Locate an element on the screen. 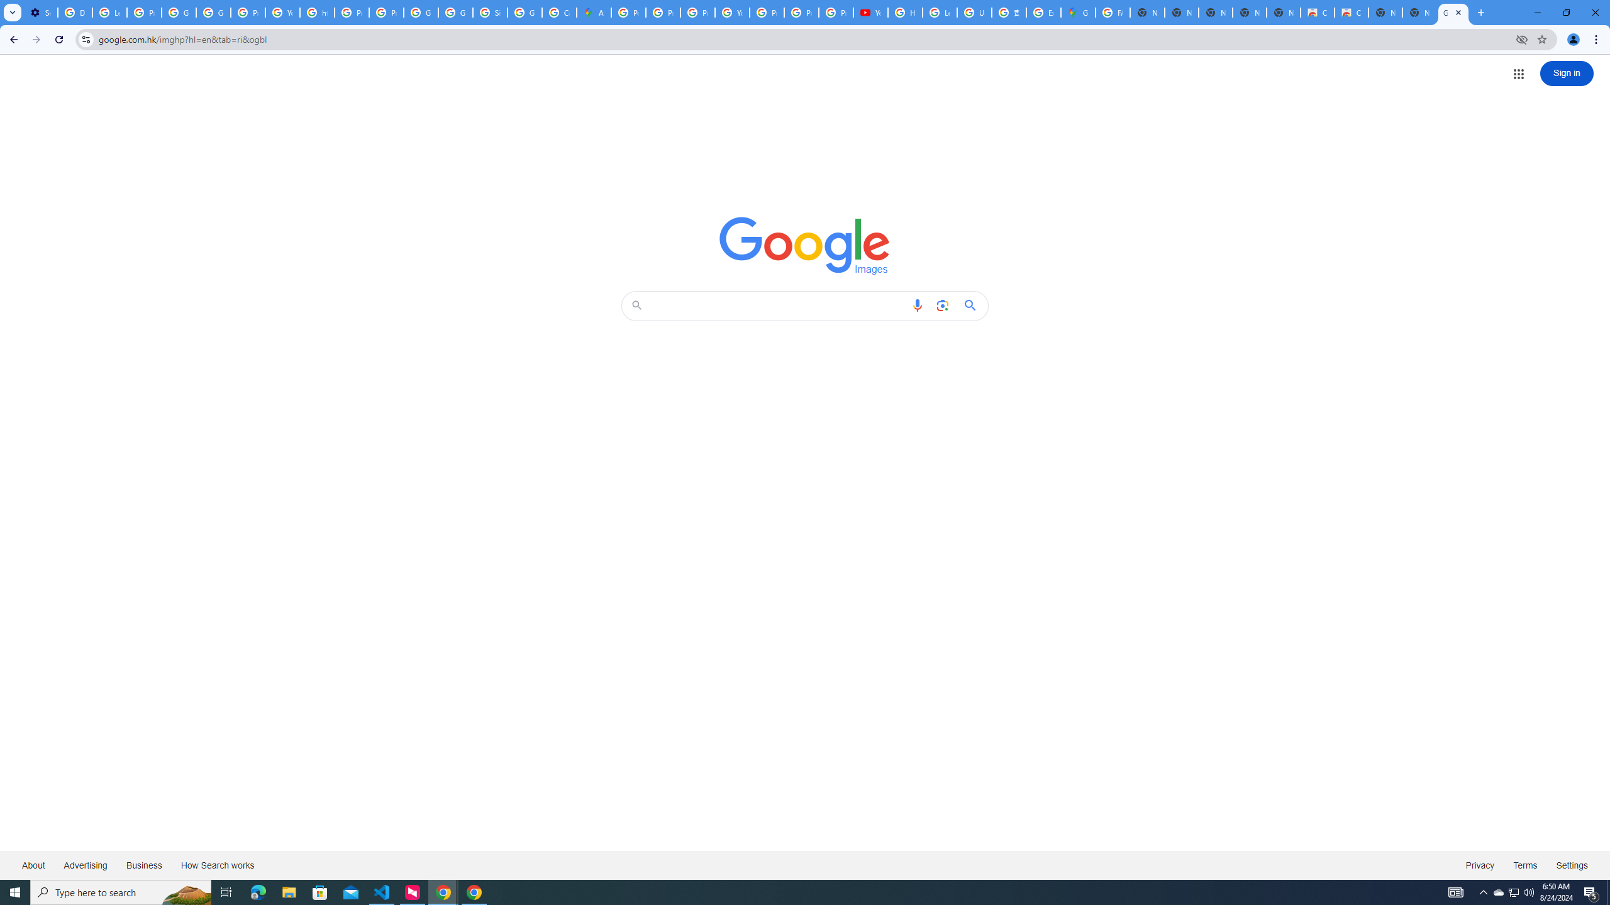  'Classic Blue - Chrome Web Store' is located at coordinates (1317, 12).